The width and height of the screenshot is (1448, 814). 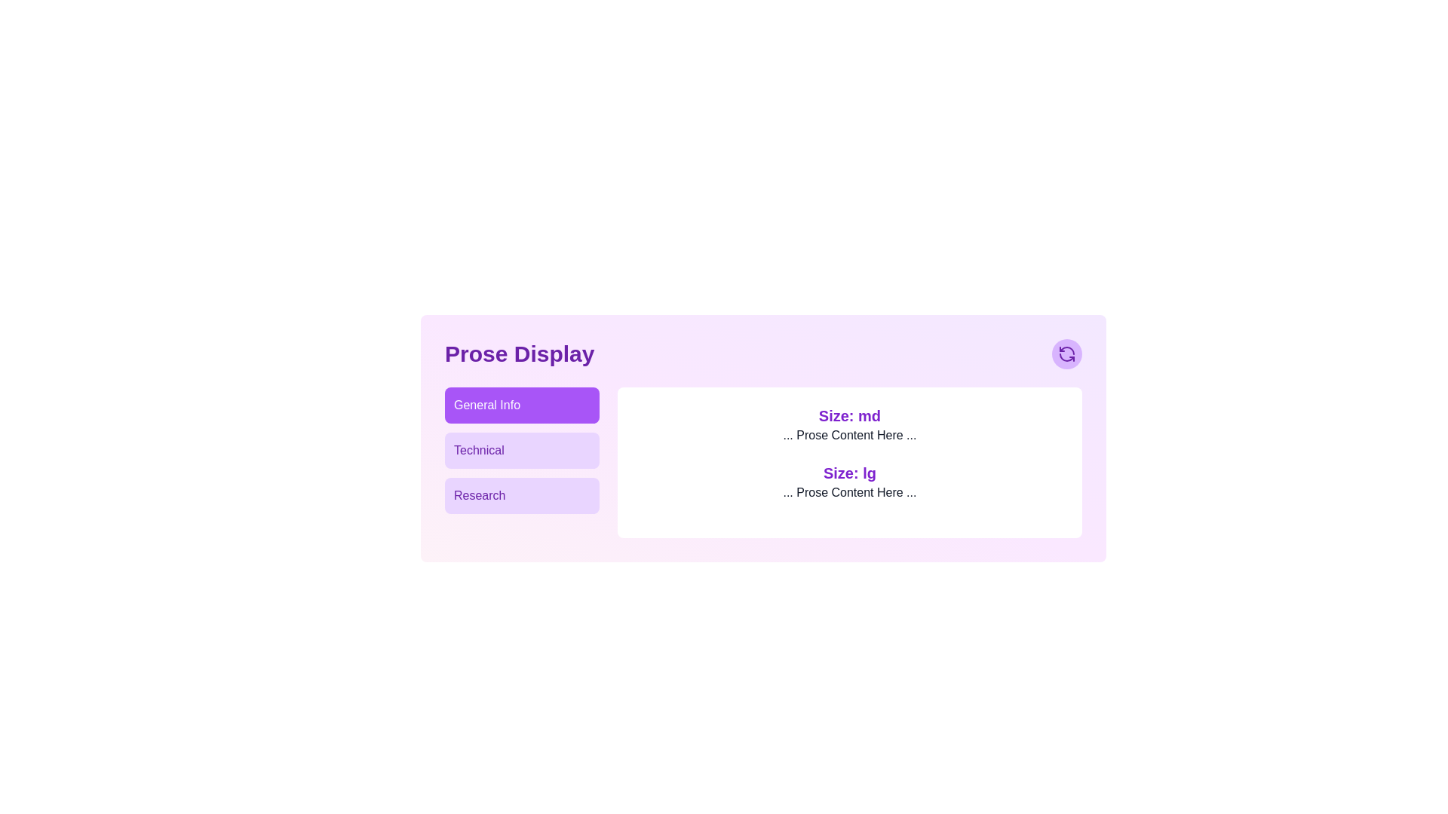 I want to click on the 'Prose Display' text label, which serves as a section title and is positioned to the left of a refresh icon button, so click(x=520, y=354).